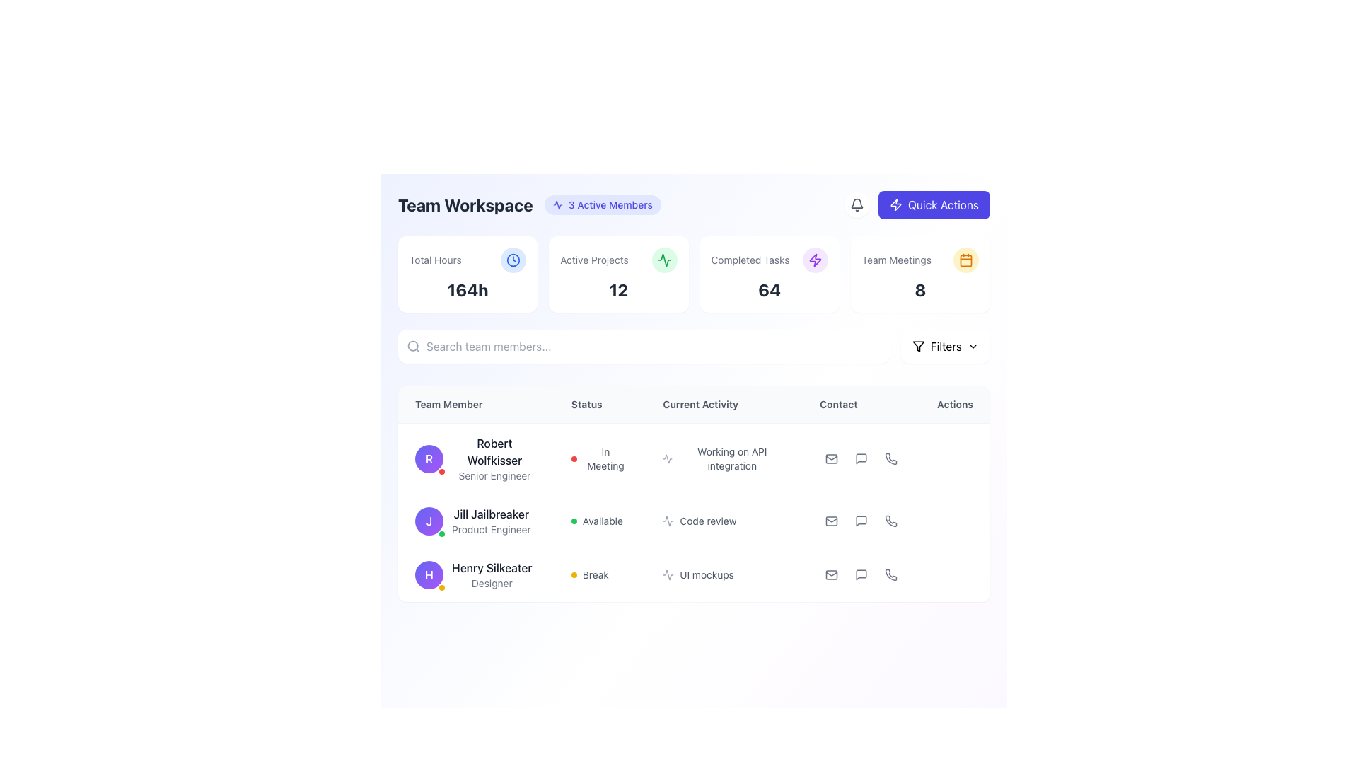 The image size is (1358, 764). What do you see at coordinates (603, 204) in the screenshot?
I see `the informational label displaying the number of active team members, which is located to the right of the 'Team Workspace' heading in the top-left section of the layout` at bounding box center [603, 204].